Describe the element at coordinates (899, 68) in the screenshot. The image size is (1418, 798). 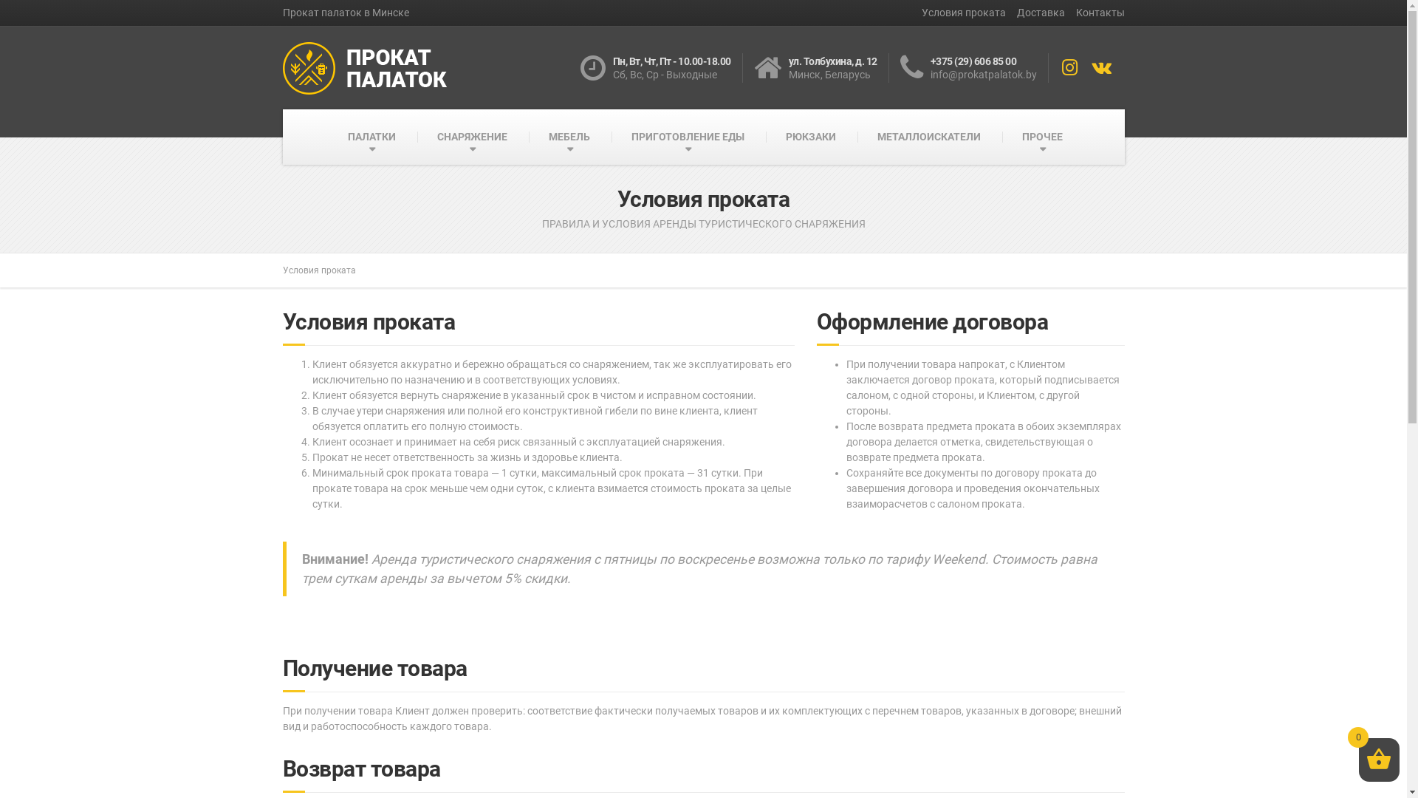
I see `'+375 (29) 606 85 00` at that location.